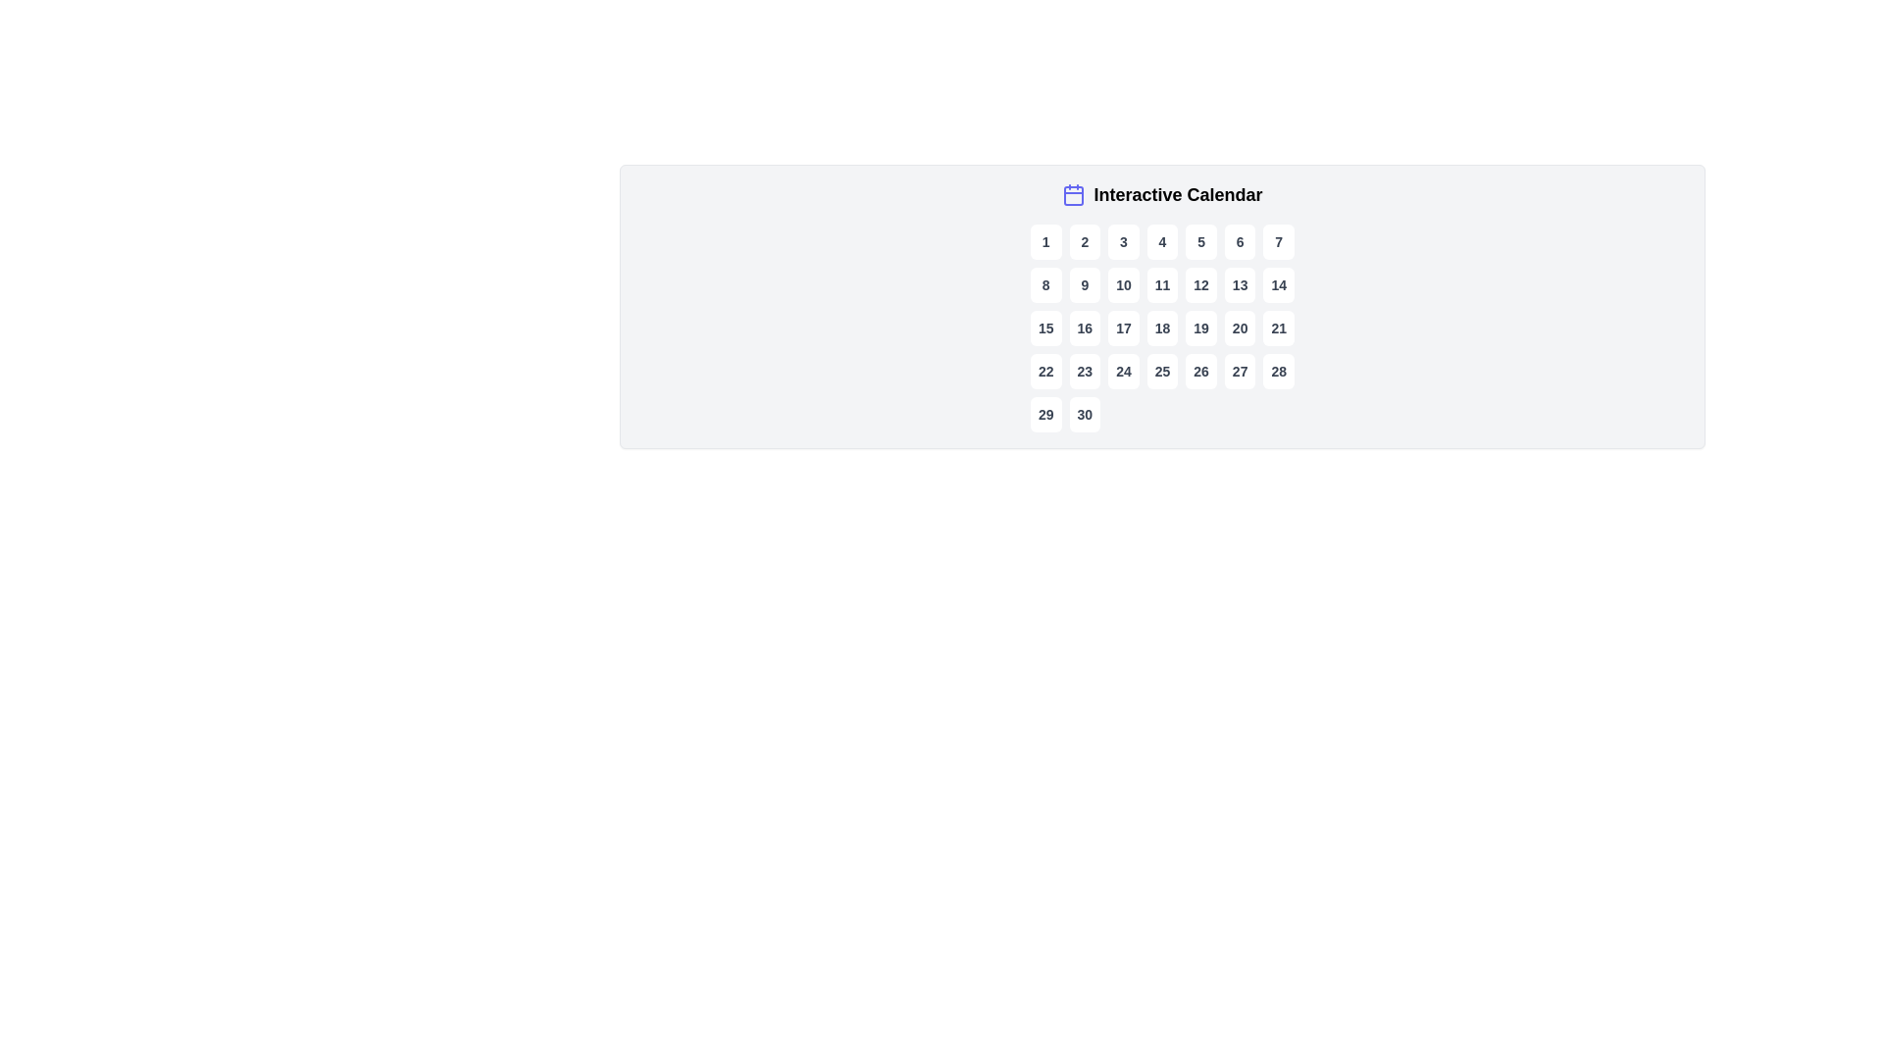 This screenshot has width=1883, height=1059. I want to click on the button representing the 18th day in the calendar interface, so click(1162, 328).